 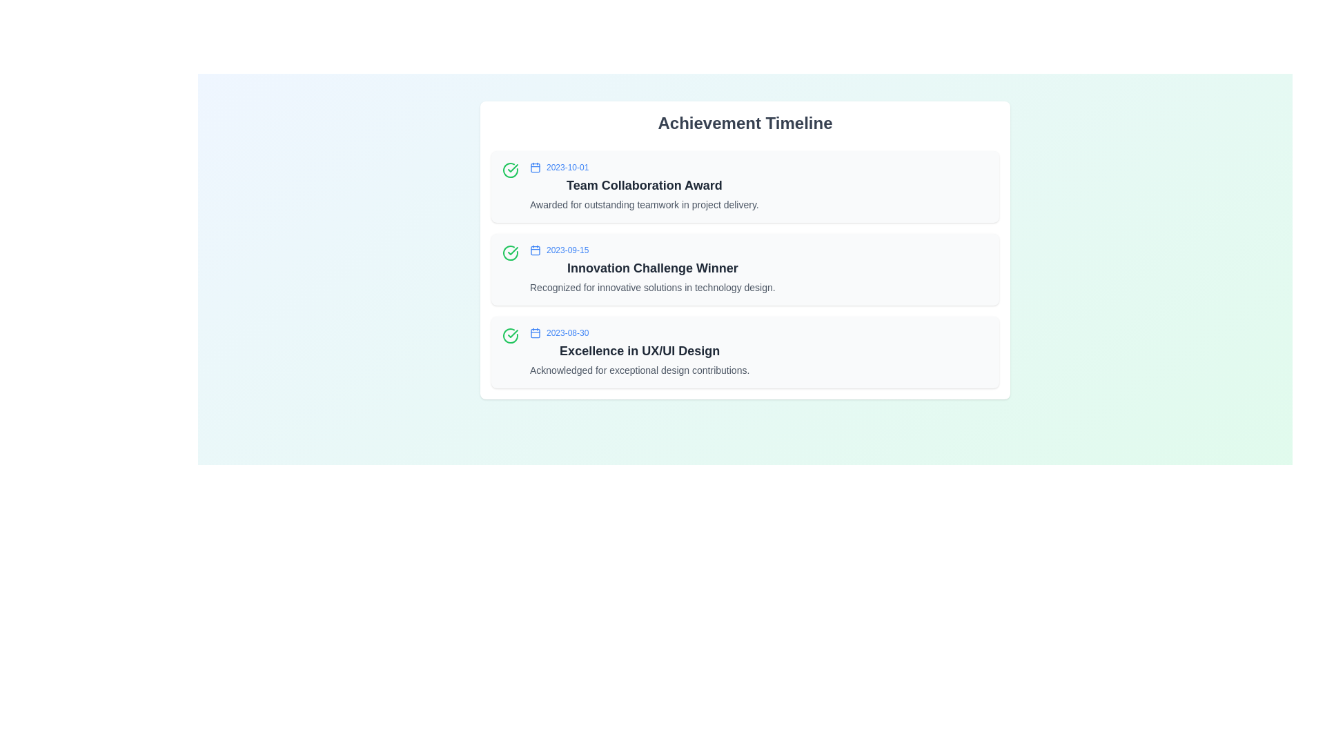 I want to click on the visual state of the green circular SVG icon with a checkmark, which is part of the Achievement Timeline, located to the left of the text '2023-09-15 Innovation Challenge Winner', so click(x=509, y=252).